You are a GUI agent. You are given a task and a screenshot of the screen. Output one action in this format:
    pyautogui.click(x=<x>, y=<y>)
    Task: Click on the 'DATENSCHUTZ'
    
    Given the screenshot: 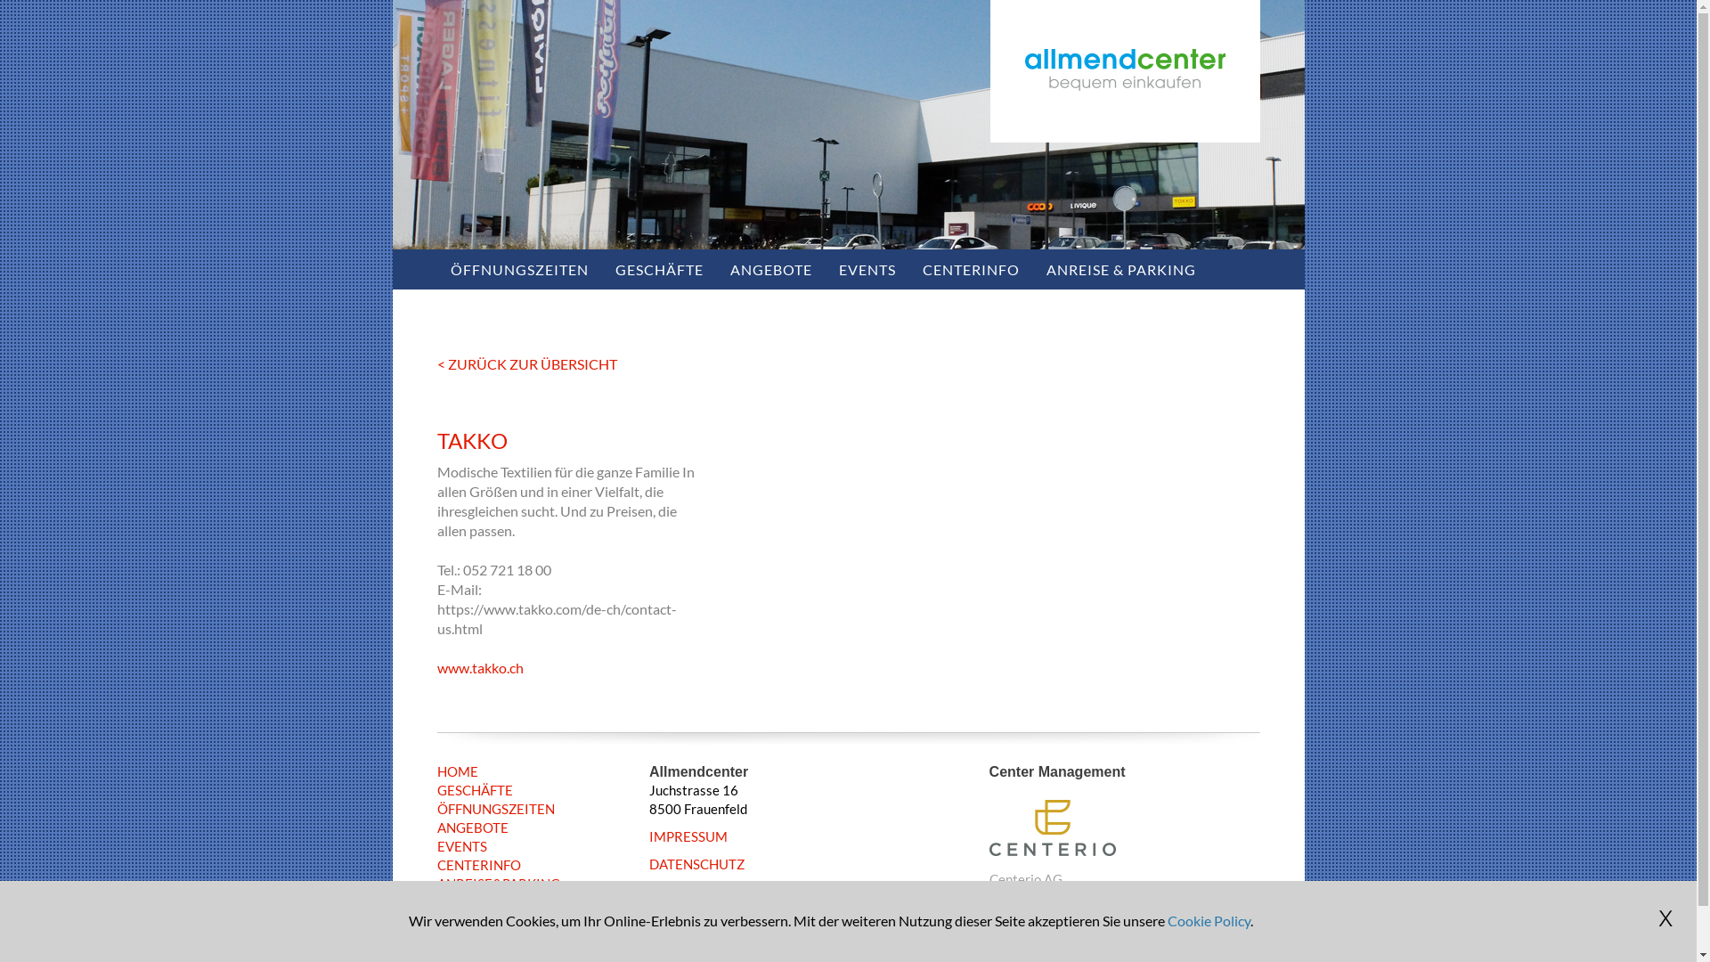 What is the action you would take?
    pyautogui.click(x=696, y=863)
    